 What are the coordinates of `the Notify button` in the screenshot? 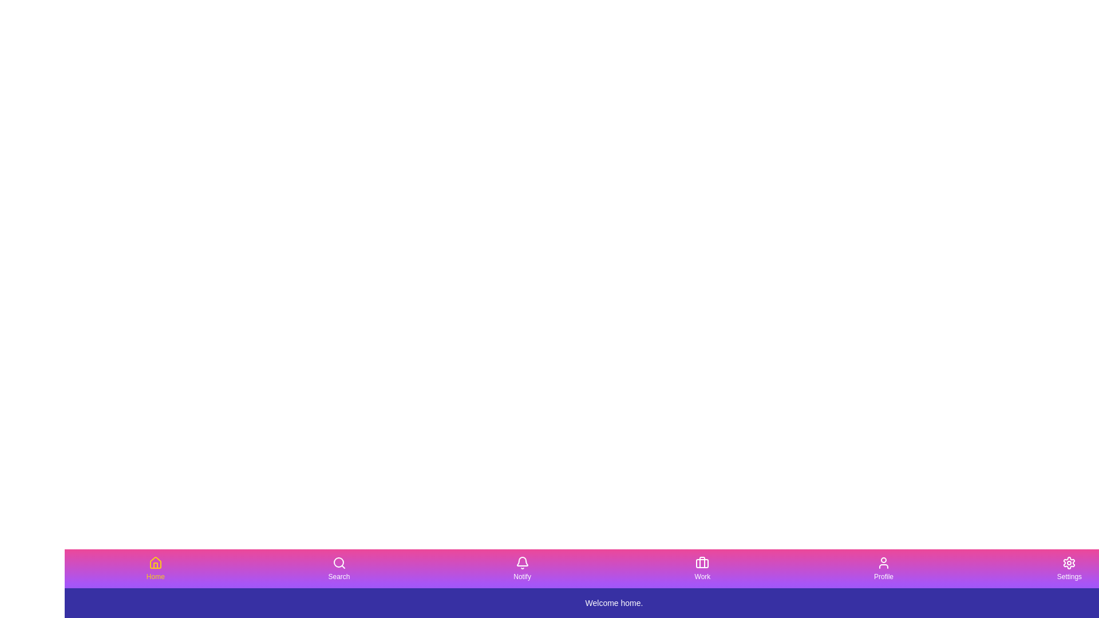 It's located at (521, 569).